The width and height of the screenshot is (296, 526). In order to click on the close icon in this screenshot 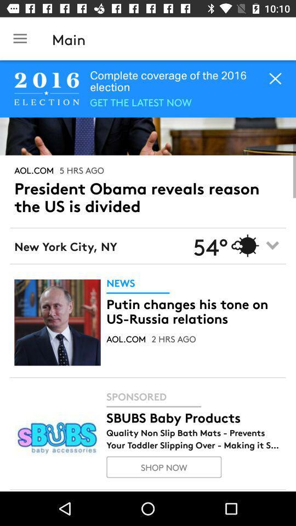, I will do `click(275, 79)`.